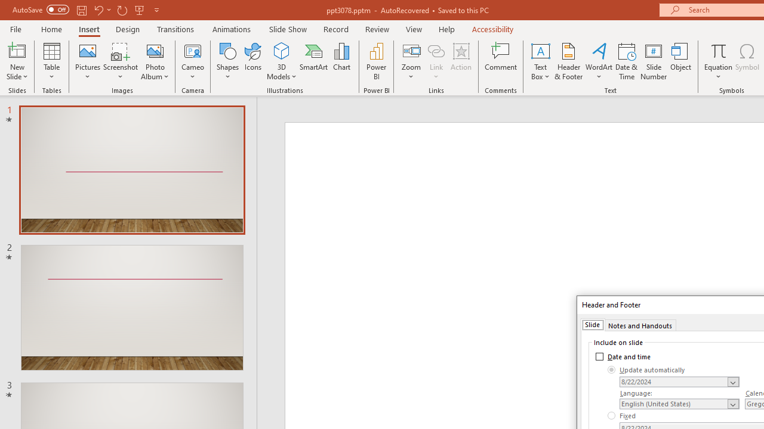 The height and width of the screenshot is (429, 764). Describe the element at coordinates (747, 61) in the screenshot. I see `'Symbol...'` at that location.